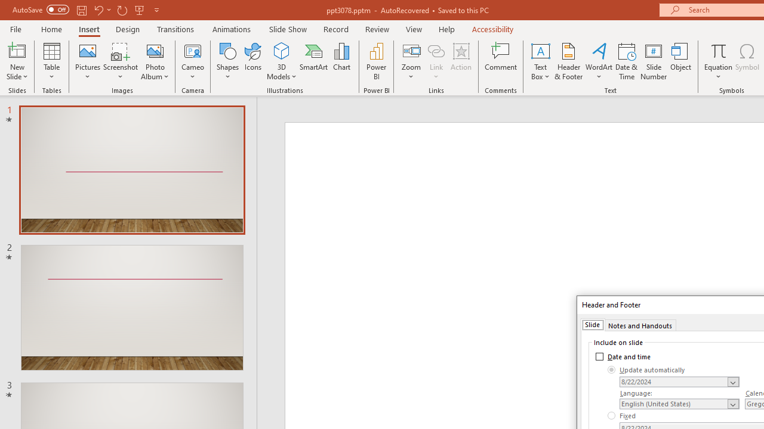 The height and width of the screenshot is (429, 764). Describe the element at coordinates (747, 61) in the screenshot. I see `'Symbol...'` at that location.